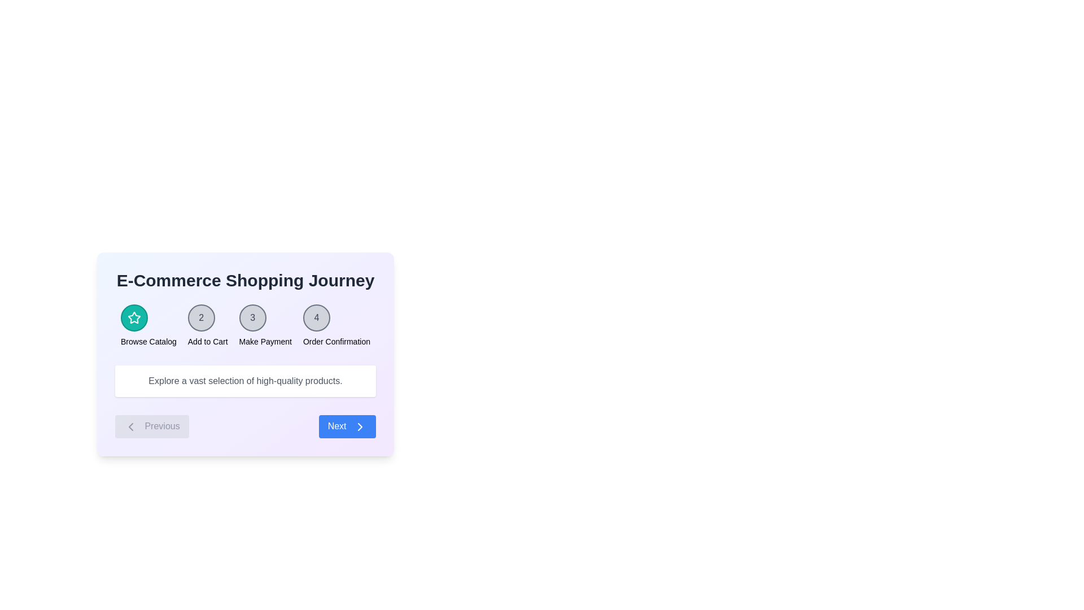 The height and width of the screenshot is (610, 1084). Describe the element at coordinates (336, 326) in the screenshot. I see `the fourth progress indicator labeled 'Order Confirmation'` at that location.